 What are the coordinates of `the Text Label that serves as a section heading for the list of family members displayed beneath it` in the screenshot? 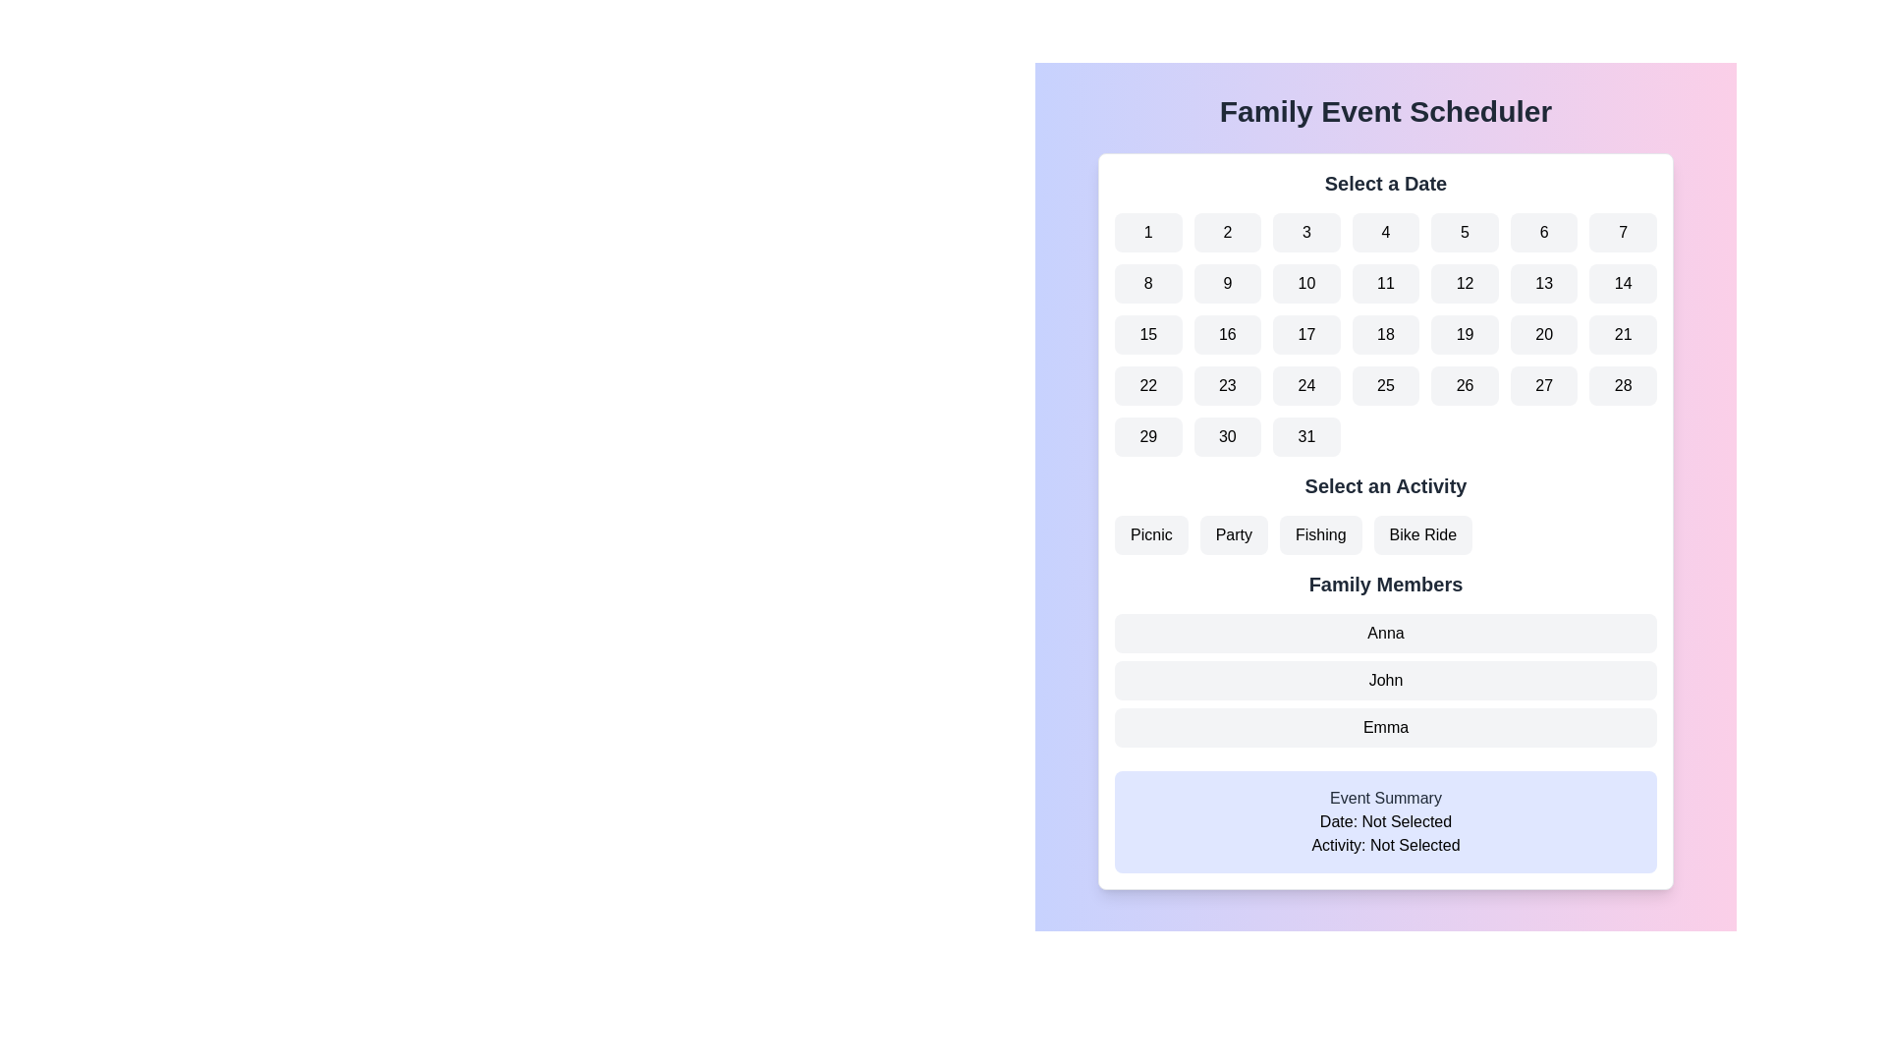 It's located at (1385, 583).